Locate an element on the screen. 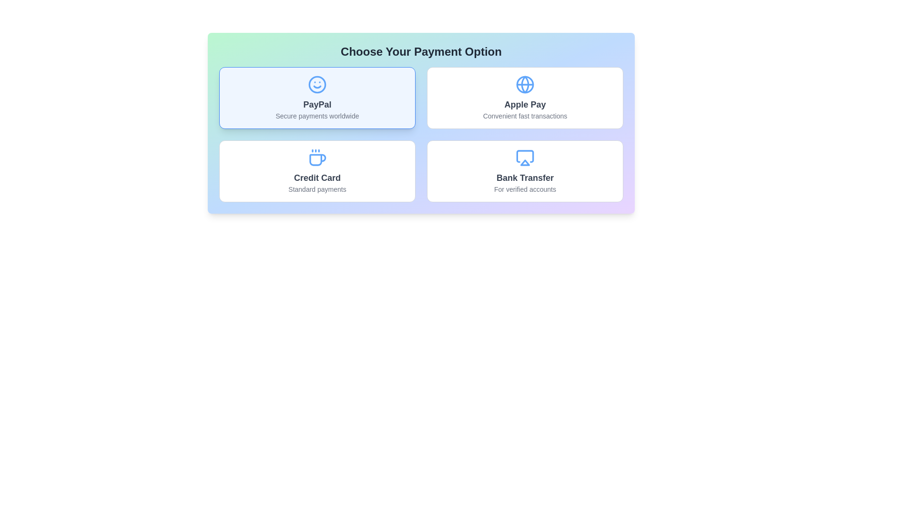  the text label indicating the payment option 'Apple Pay', which is positioned in the second card from the left in the top row of the payment selection UI is located at coordinates (525, 104).